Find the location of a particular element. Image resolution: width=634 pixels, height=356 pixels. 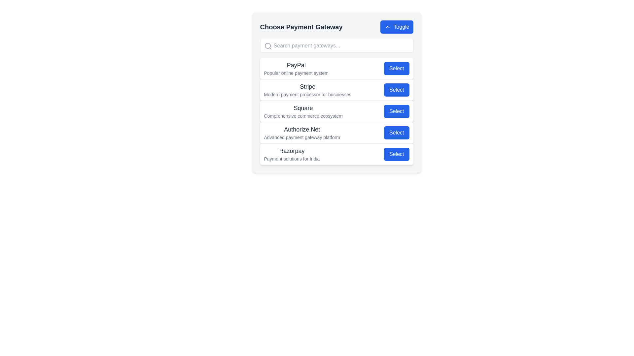

the text display element that provides information about the 'Authorize.Net' payment gateway, located in the 'Choose Payment Gateway' section as the third item in a vertical list is located at coordinates (301, 133).